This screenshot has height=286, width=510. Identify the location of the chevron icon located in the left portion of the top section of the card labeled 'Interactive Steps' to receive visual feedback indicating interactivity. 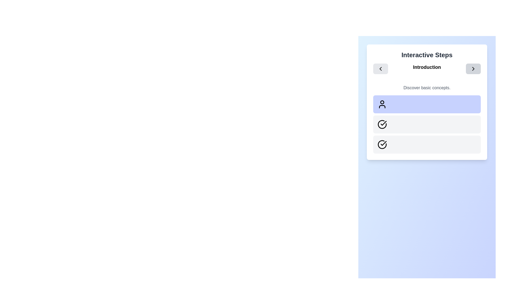
(380, 68).